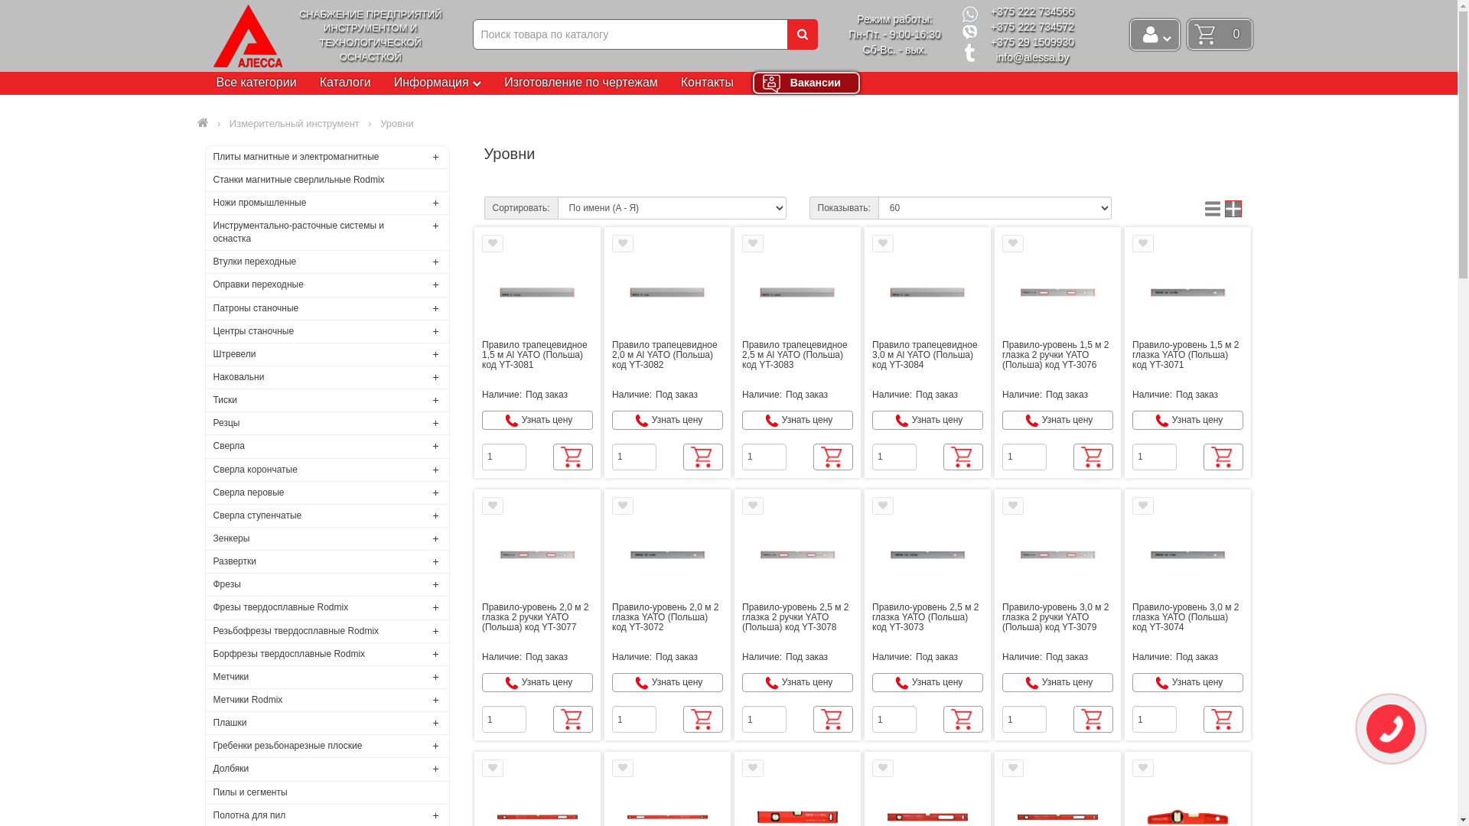  I want to click on '0', so click(1219, 28).